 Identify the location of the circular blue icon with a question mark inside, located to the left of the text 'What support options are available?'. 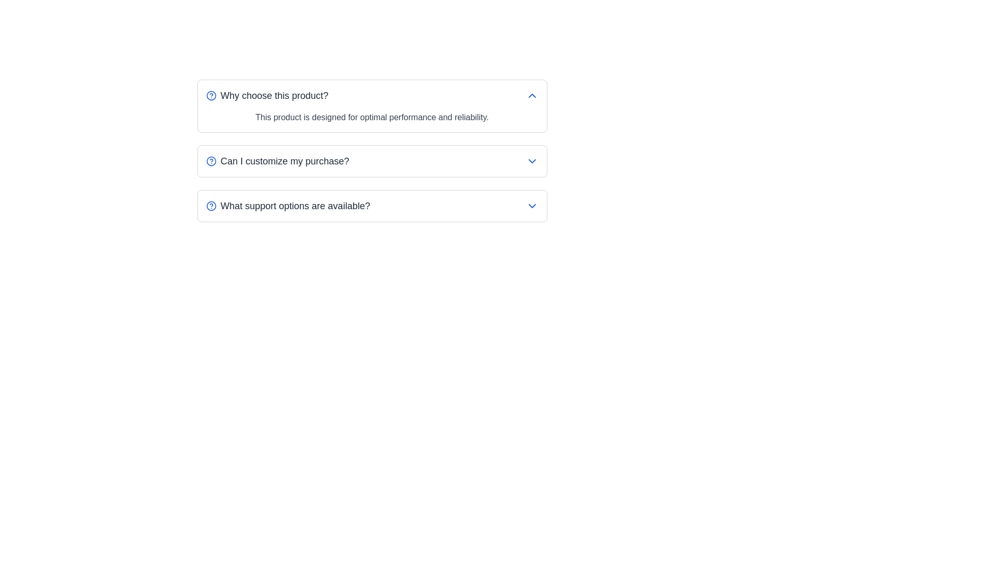
(210, 206).